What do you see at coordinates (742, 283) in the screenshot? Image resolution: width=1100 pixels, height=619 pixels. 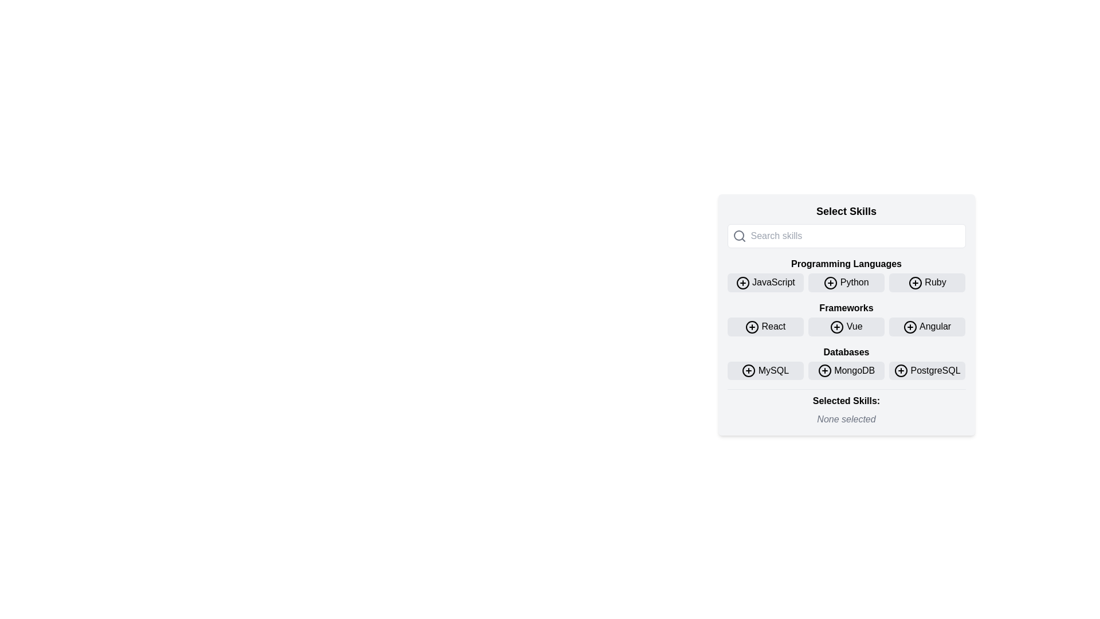 I see `the circular icon button with a plus sign, located to the left of the 'JavaScript' label in the 'Programming Languages' section of the 'Select Skills' interface` at bounding box center [742, 283].